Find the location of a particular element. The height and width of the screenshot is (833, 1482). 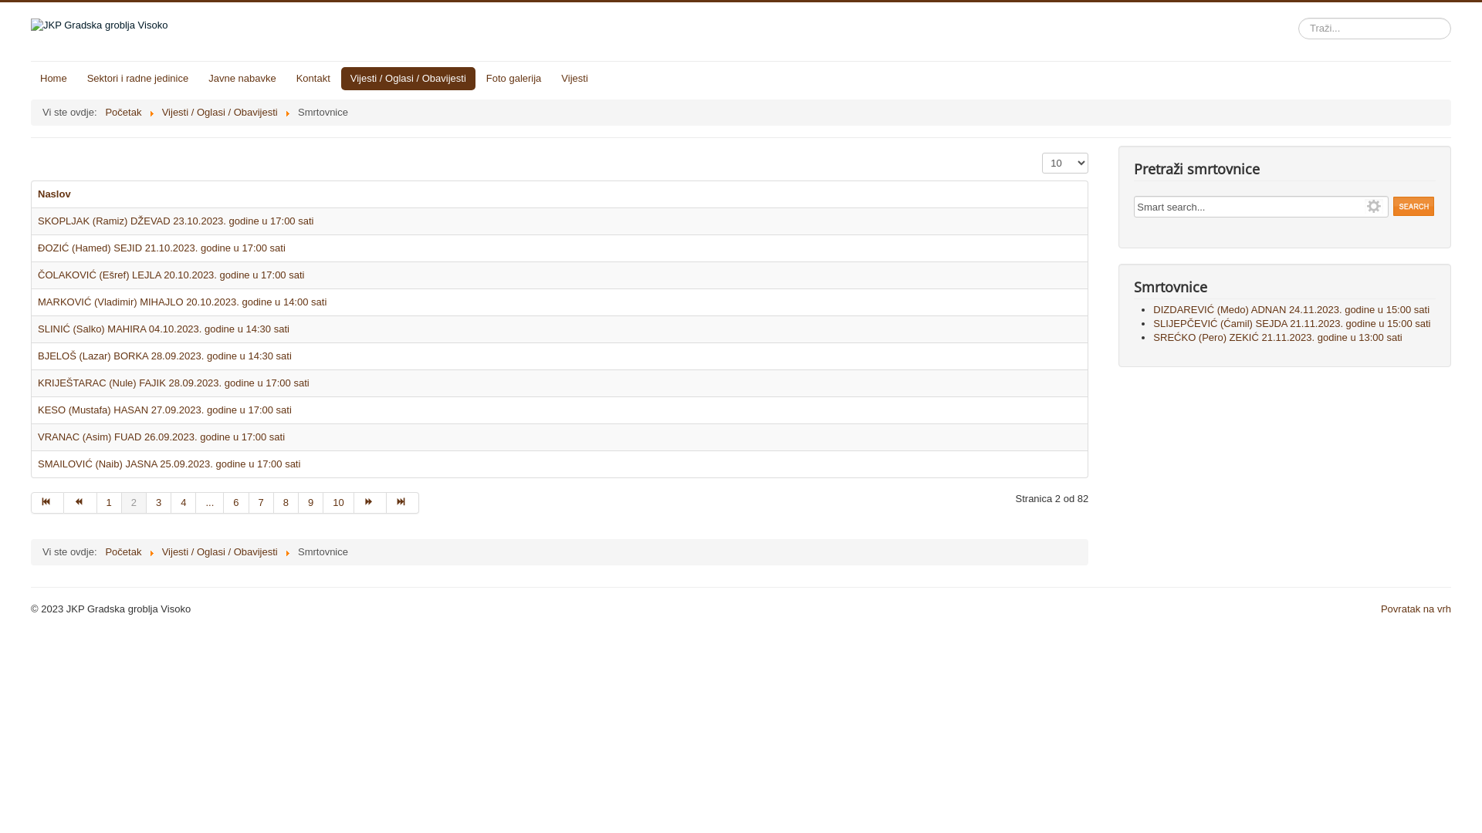

'Javne nabavke' is located at coordinates (241, 78).